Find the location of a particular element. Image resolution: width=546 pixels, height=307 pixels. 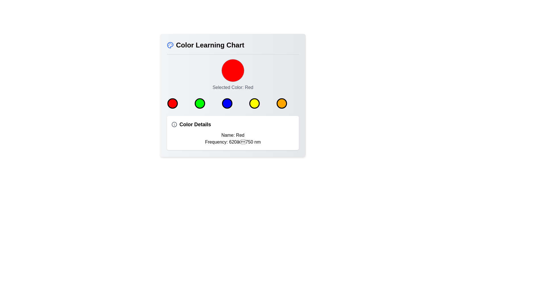

the color selection button in the horizontal button group located below the 'Selected Color: Red' label is located at coordinates (233, 103).